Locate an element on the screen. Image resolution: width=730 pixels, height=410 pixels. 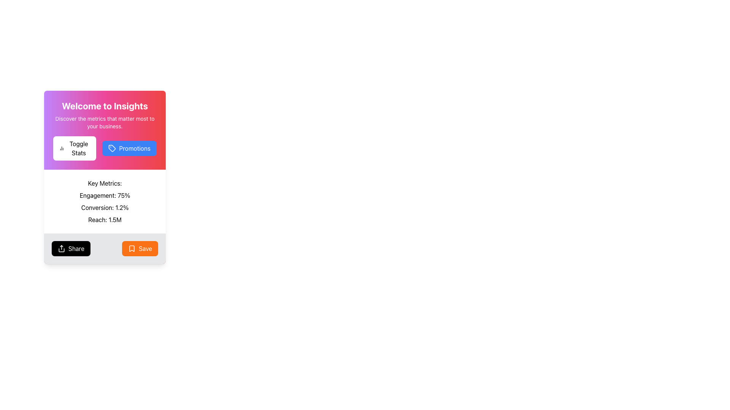
the decorative icon associated with the 'Promotions' button, located in the top section of the card, to the right of the 'Toggle Stats' button is located at coordinates (112, 148).